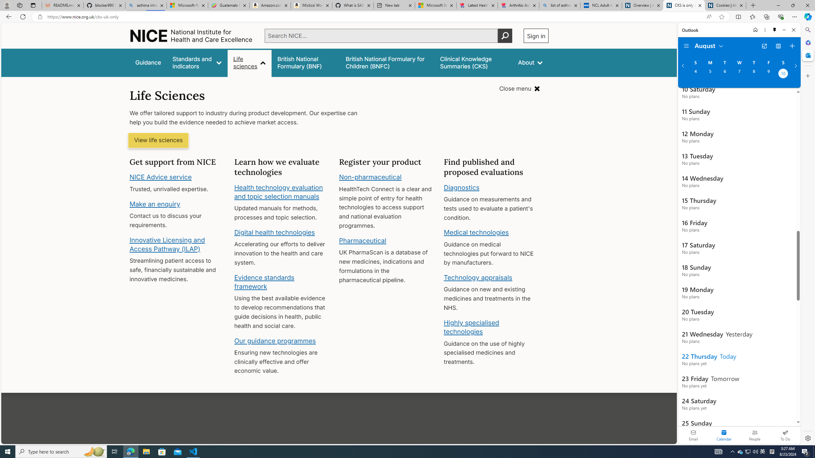 The height and width of the screenshot is (458, 815). I want to click on 'Perform search', so click(505, 35).